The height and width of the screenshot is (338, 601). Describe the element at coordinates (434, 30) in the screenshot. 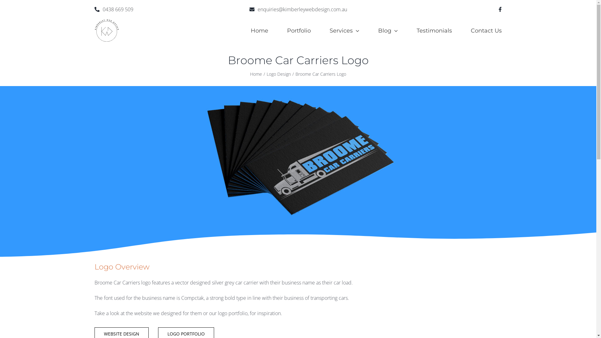

I see `'Testimonials'` at that location.